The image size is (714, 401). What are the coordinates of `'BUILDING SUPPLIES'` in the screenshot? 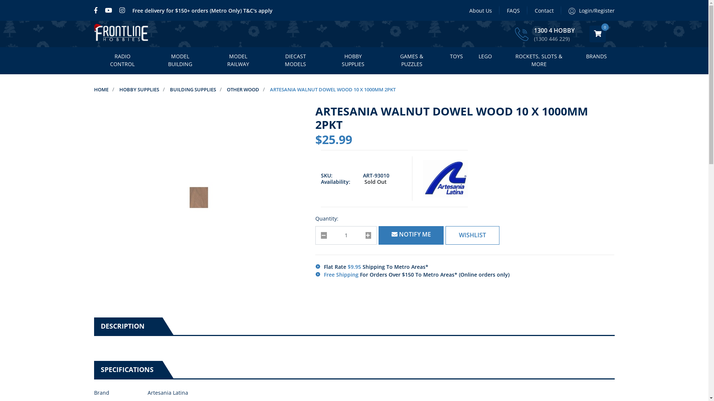 It's located at (193, 89).